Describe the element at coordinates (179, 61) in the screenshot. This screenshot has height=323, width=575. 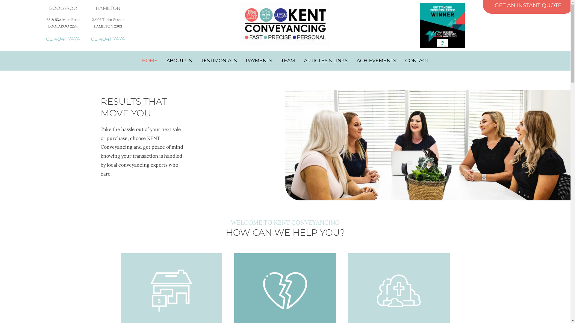
I see `'ABOUT US'` at that location.